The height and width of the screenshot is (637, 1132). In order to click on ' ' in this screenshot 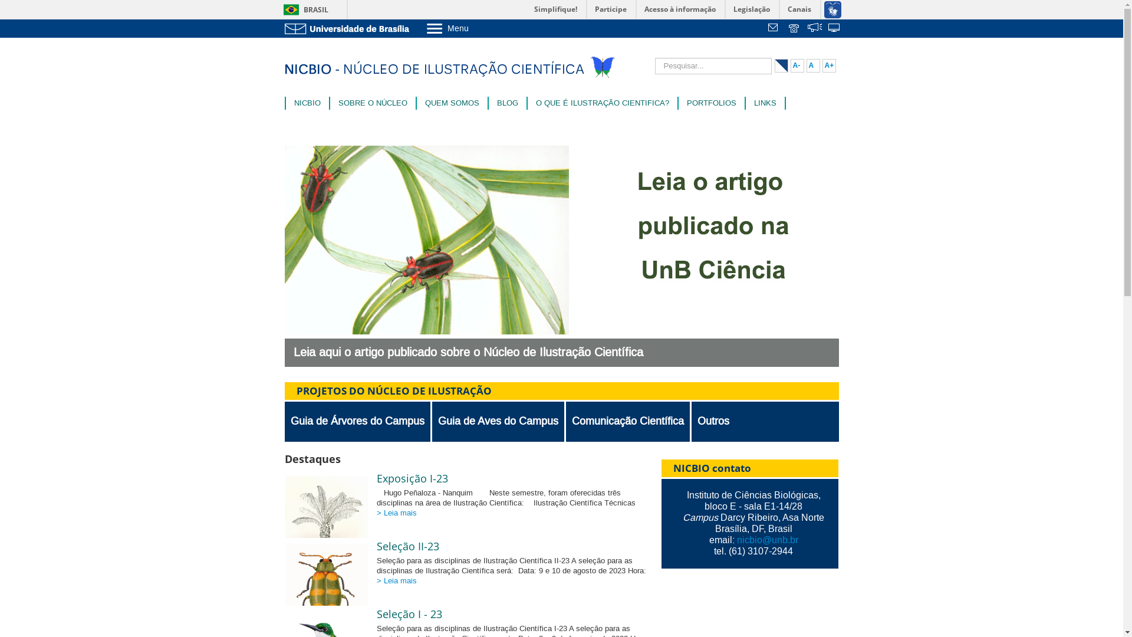, I will do `click(814, 28)`.